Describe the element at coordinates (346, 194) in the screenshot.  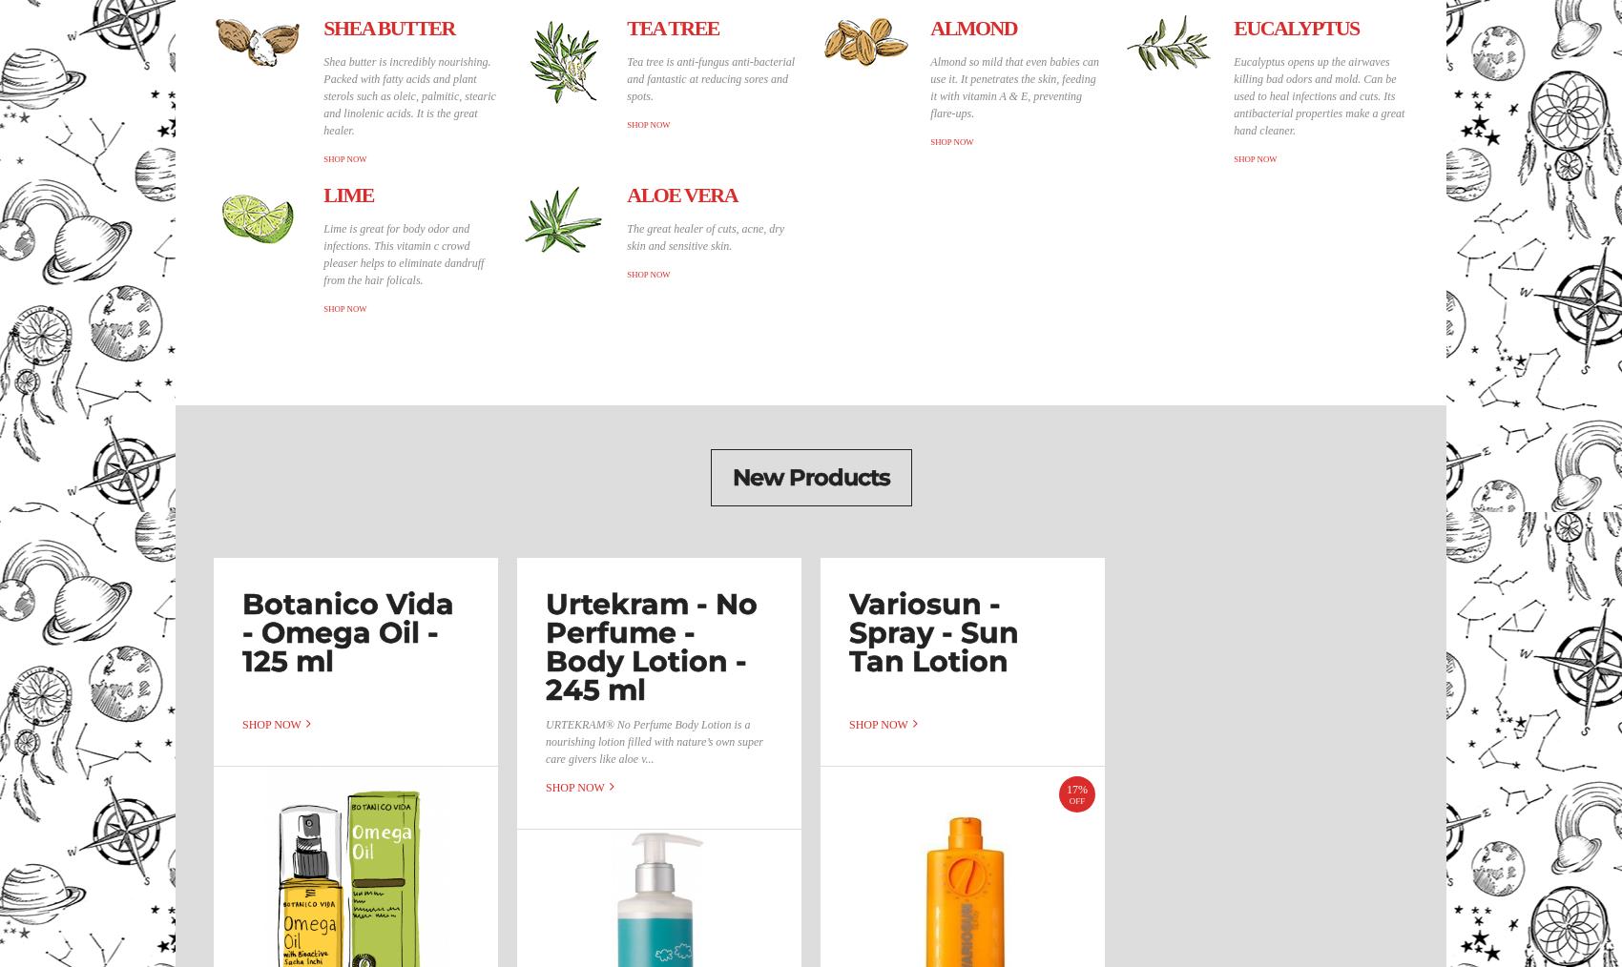
I see `'Lime'` at that location.